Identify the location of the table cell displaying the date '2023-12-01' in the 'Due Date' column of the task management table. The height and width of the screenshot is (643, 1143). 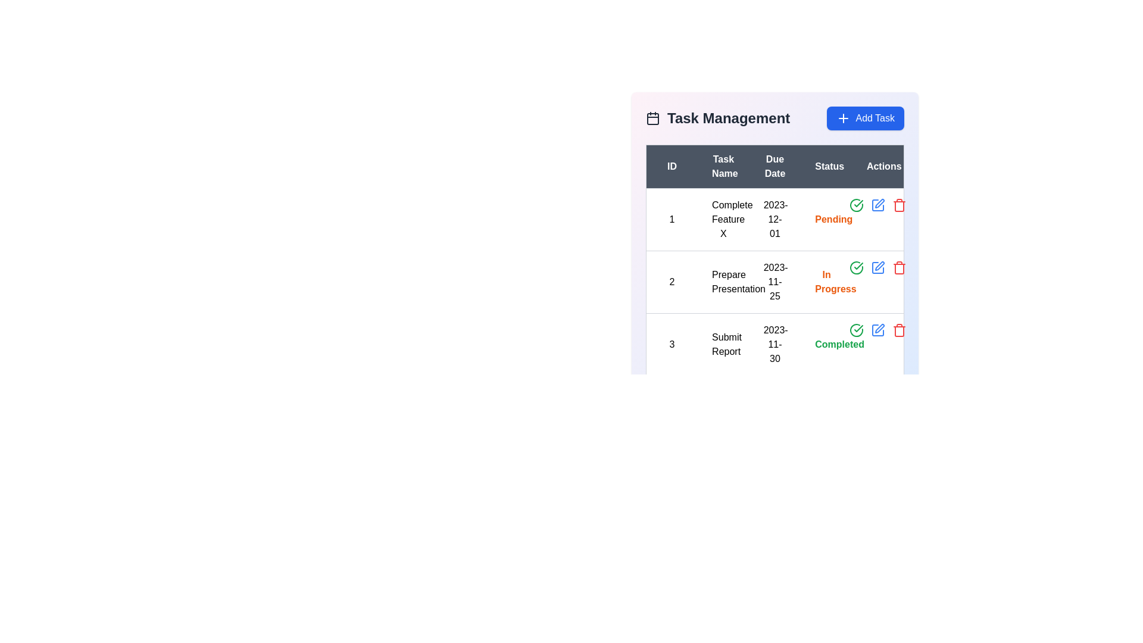
(775, 226).